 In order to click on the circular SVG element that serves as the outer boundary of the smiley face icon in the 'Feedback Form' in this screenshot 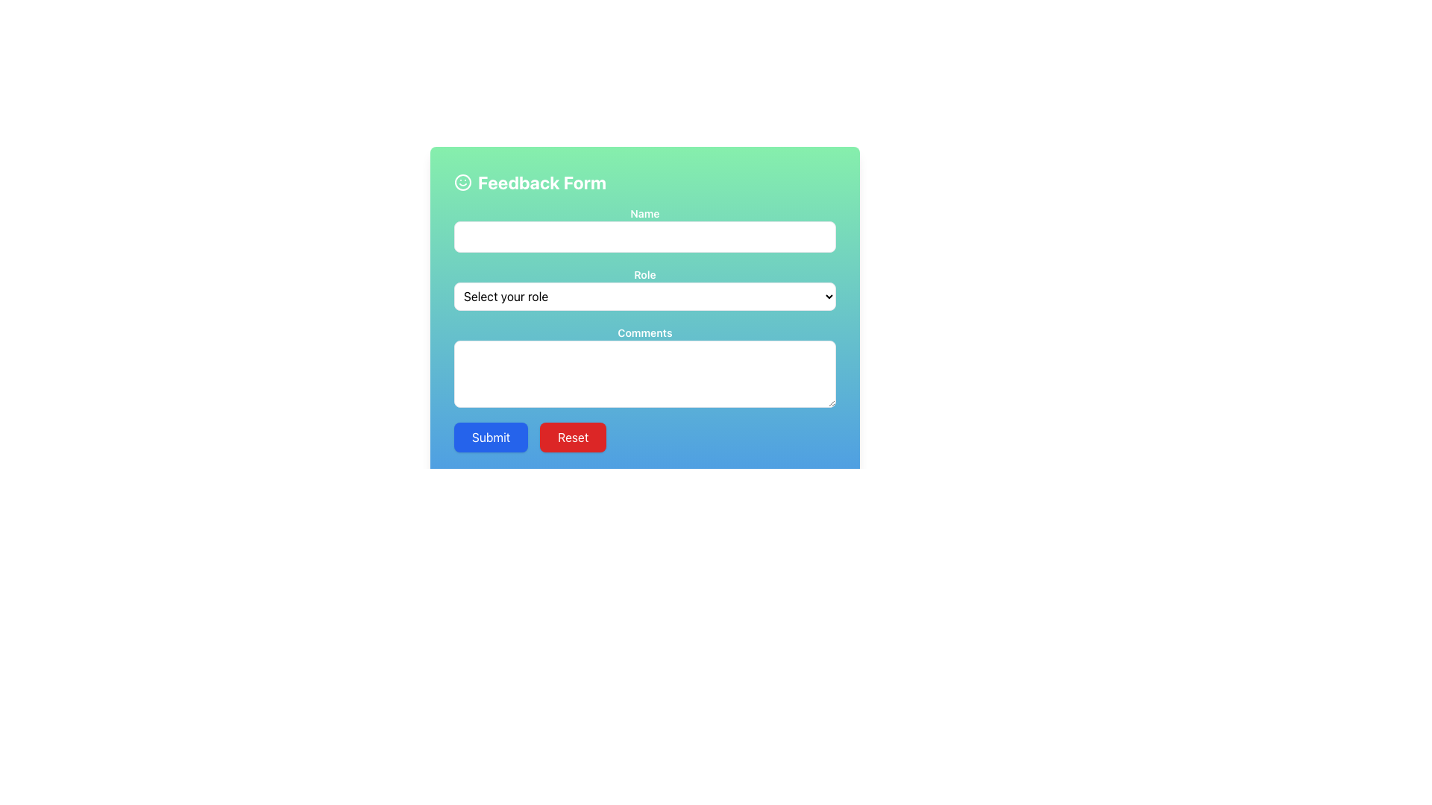, I will do `click(462, 182)`.